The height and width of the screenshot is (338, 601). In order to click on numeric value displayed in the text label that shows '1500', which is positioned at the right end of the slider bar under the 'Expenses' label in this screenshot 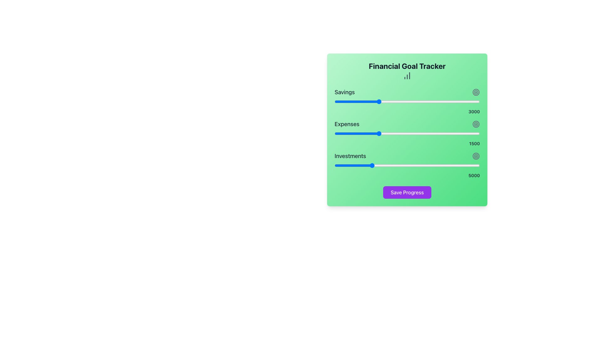, I will do `click(407, 144)`.